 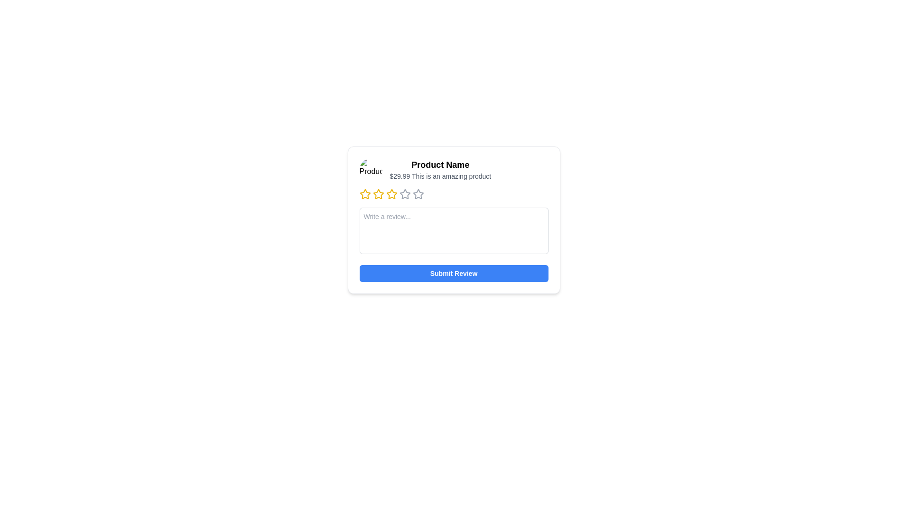 I want to click on the first star icon in the rating section of the review form, so click(x=364, y=193).